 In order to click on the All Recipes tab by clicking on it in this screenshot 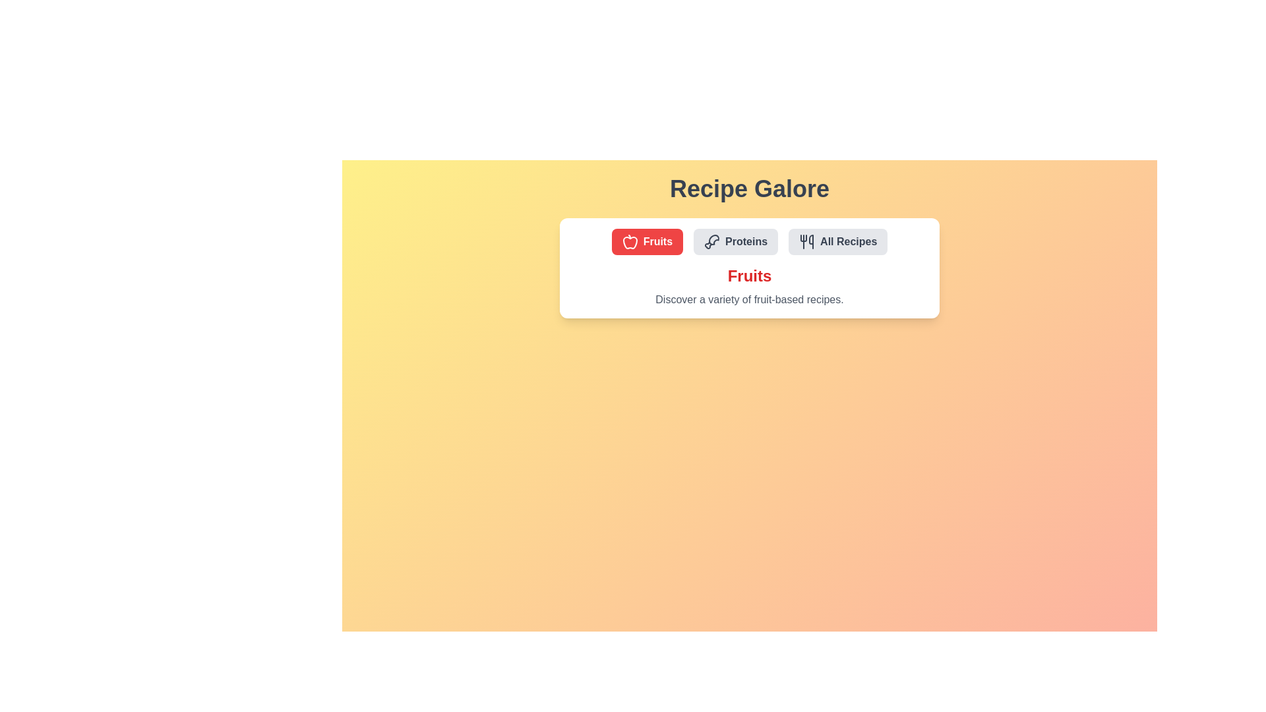, I will do `click(837, 241)`.